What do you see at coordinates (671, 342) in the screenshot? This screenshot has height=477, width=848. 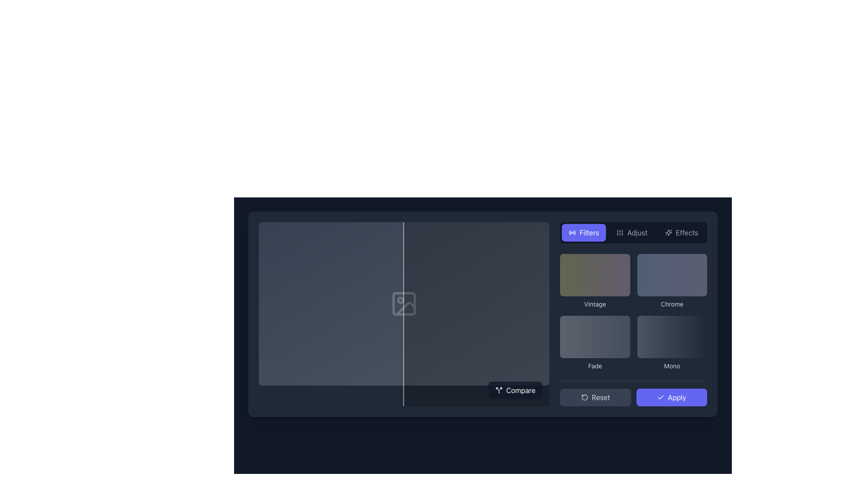 I see `the 'Mono' button located in the bottom-right cell of the grid` at bounding box center [671, 342].